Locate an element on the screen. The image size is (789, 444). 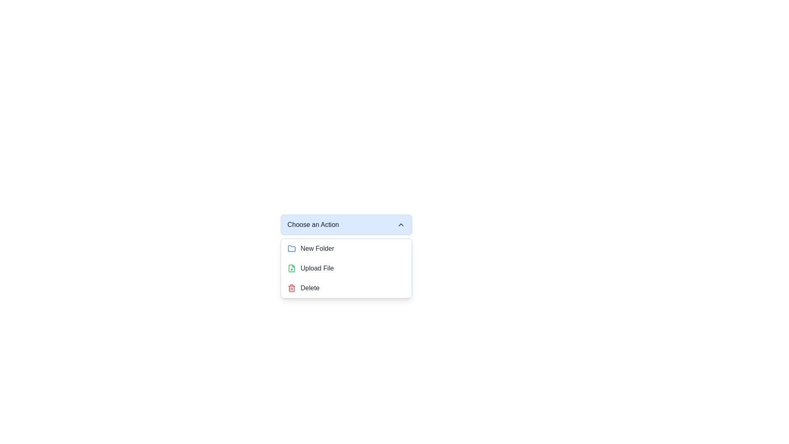
the Text label in the dropdown menu that initiates the creation of a new folder is located at coordinates (317, 248).